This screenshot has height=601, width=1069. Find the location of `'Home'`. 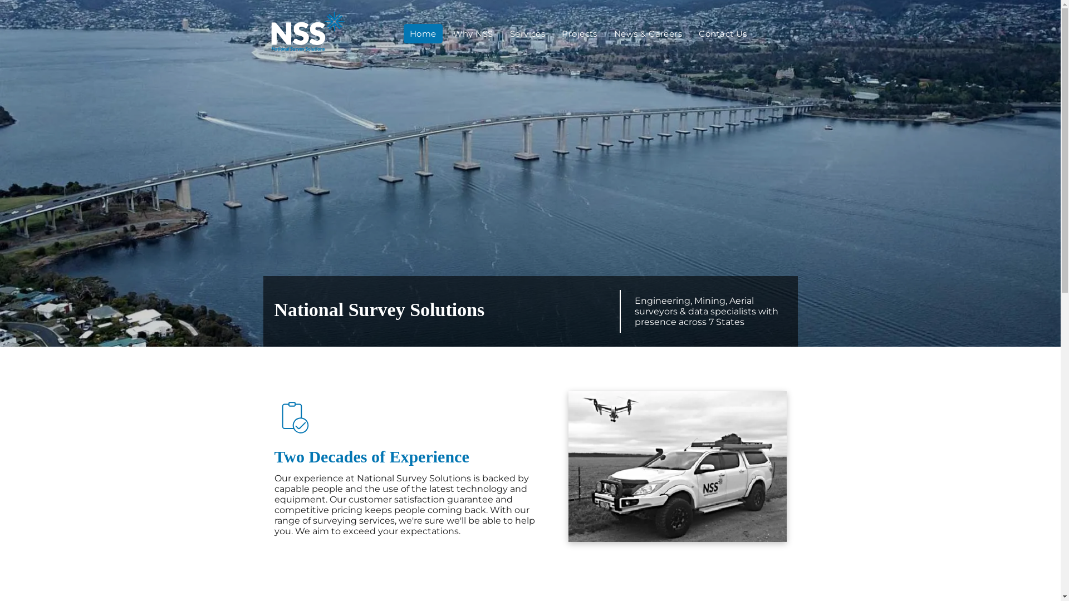

'Home' is located at coordinates (422, 33).